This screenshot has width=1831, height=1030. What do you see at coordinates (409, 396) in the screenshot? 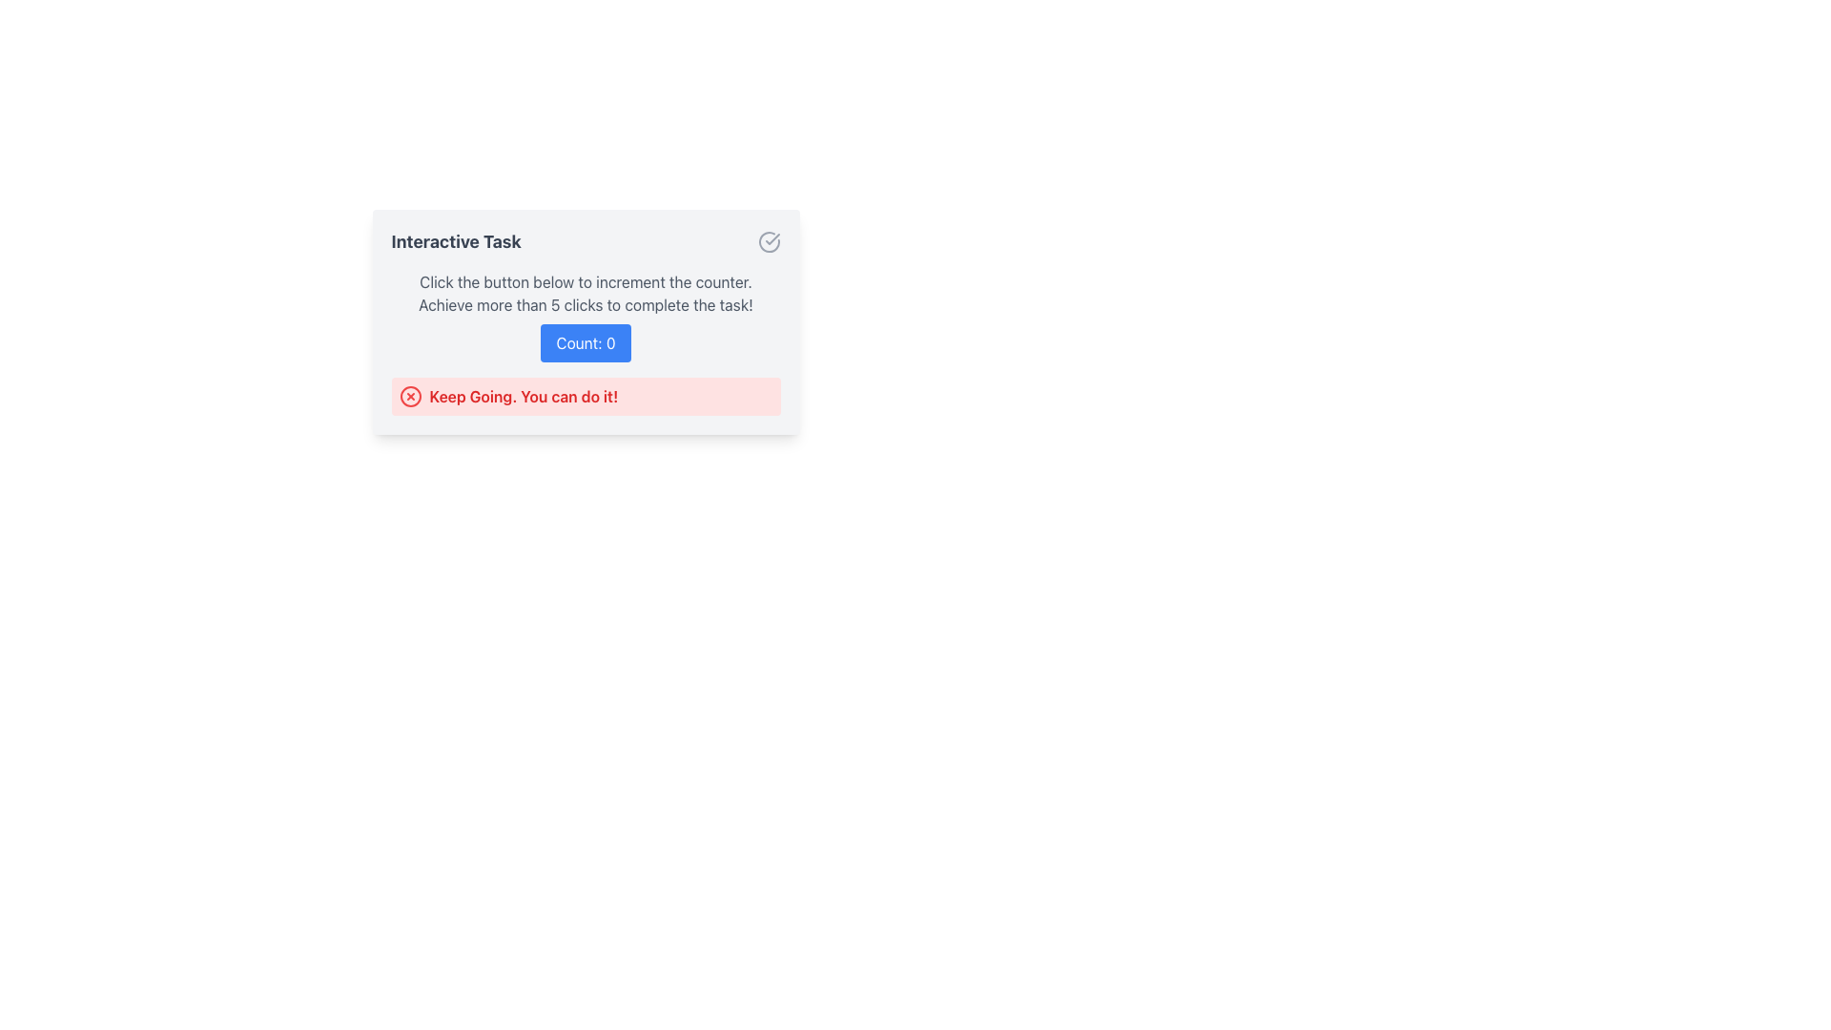
I see `the inner circular shape of the error icon located to the left of the red-and-white alert message box` at bounding box center [409, 396].